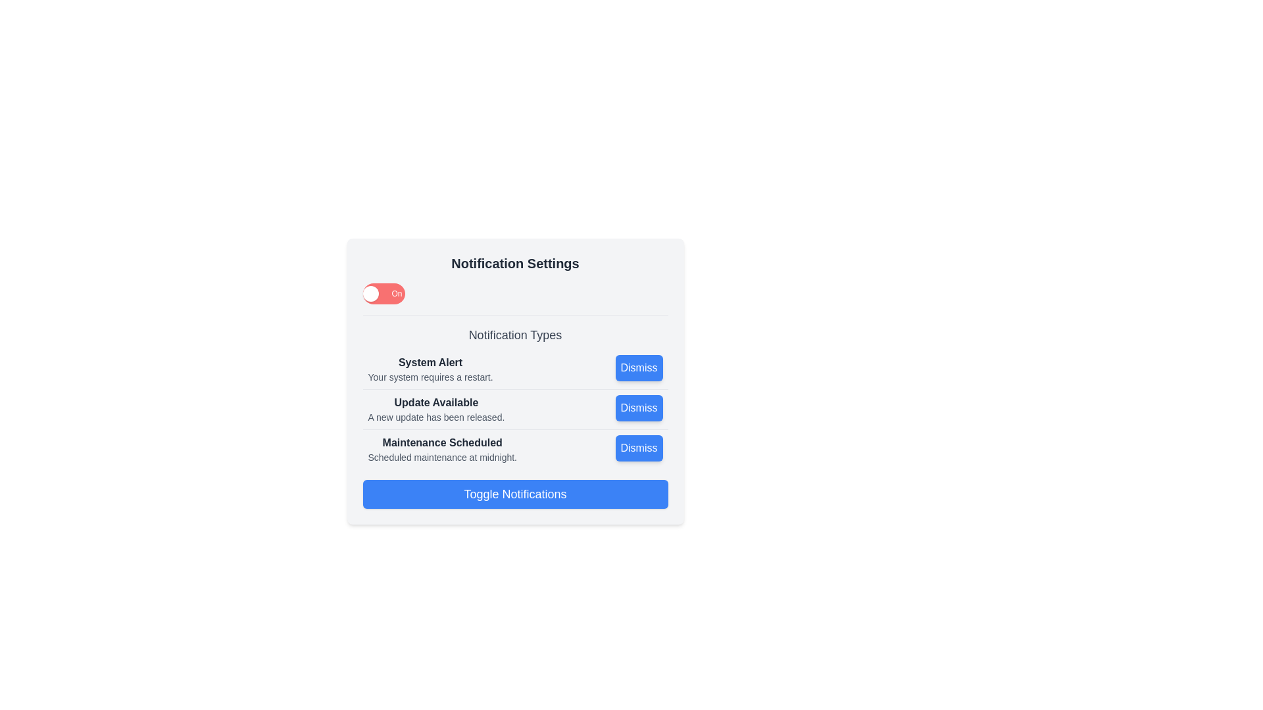 This screenshot has width=1263, height=710. Describe the element at coordinates (514, 264) in the screenshot. I see `the title text element at the top of the settings panel, which indicates the panel's purpose, located above the toggle button with 'Off' and 'On' labels` at that location.